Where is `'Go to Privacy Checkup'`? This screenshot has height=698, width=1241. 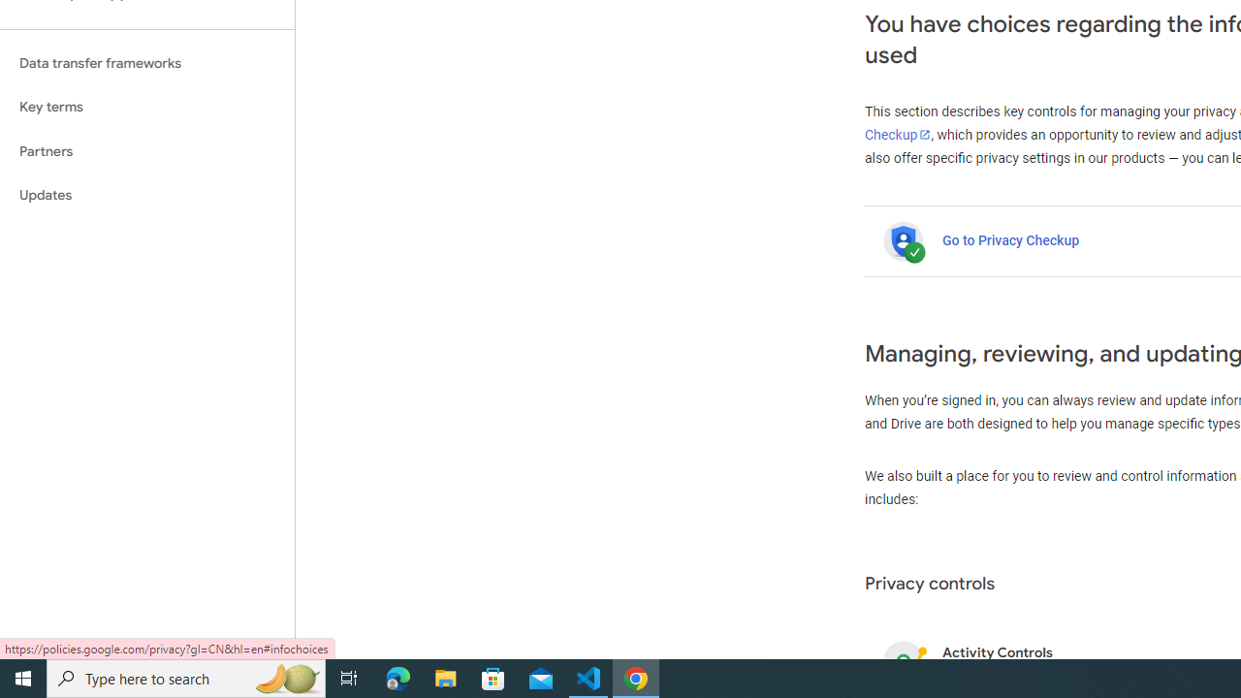
'Go to Privacy Checkup' is located at coordinates (1009, 239).